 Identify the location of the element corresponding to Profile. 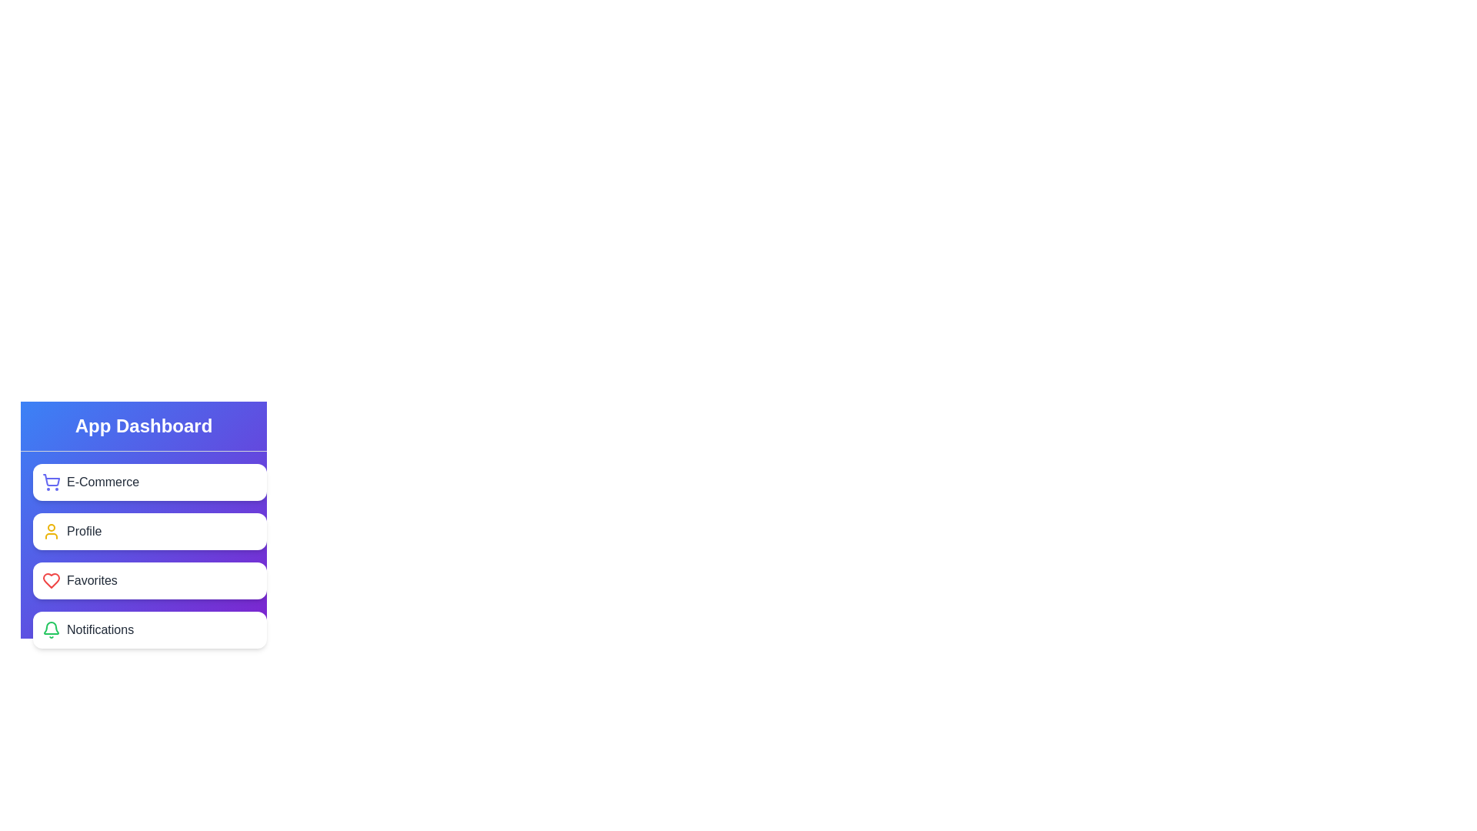
(150, 530).